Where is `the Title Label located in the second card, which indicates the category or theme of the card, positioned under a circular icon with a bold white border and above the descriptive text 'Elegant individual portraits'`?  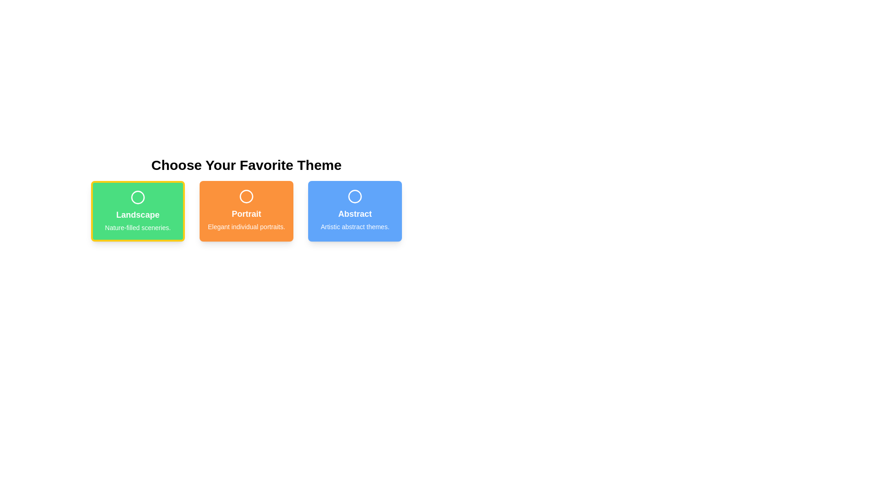
the Title Label located in the second card, which indicates the category or theme of the card, positioned under a circular icon with a bold white border and above the descriptive text 'Elegant individual portraits' is located at coordinates (247, 214).